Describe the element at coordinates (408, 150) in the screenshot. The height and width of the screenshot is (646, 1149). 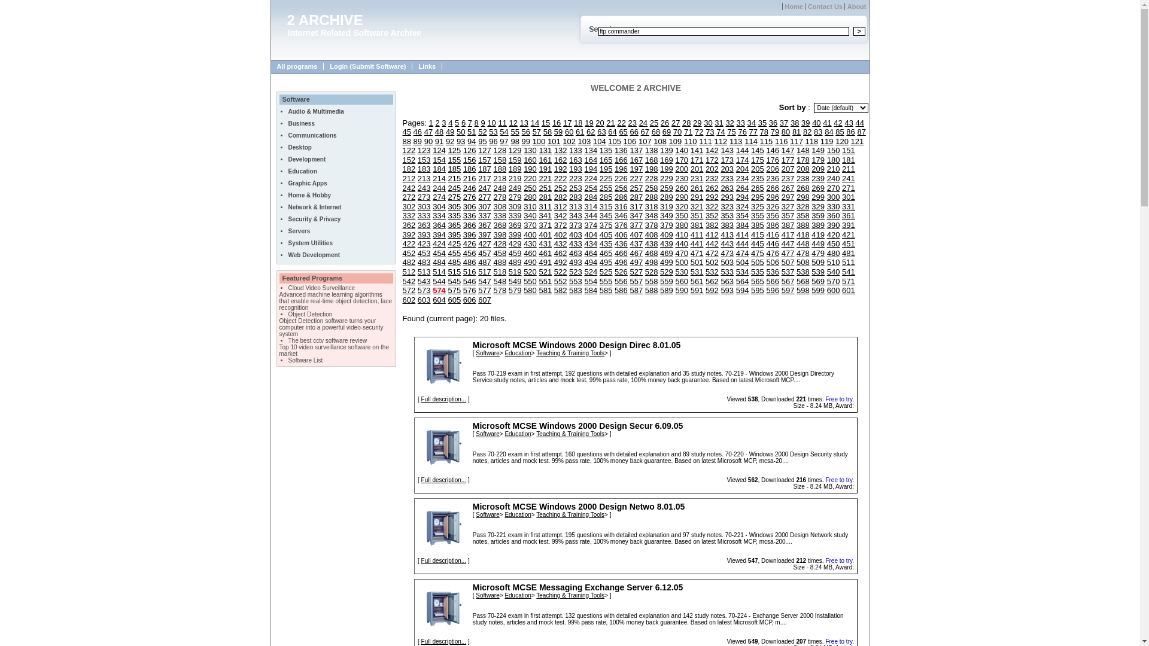
I see `'122'` at that location.